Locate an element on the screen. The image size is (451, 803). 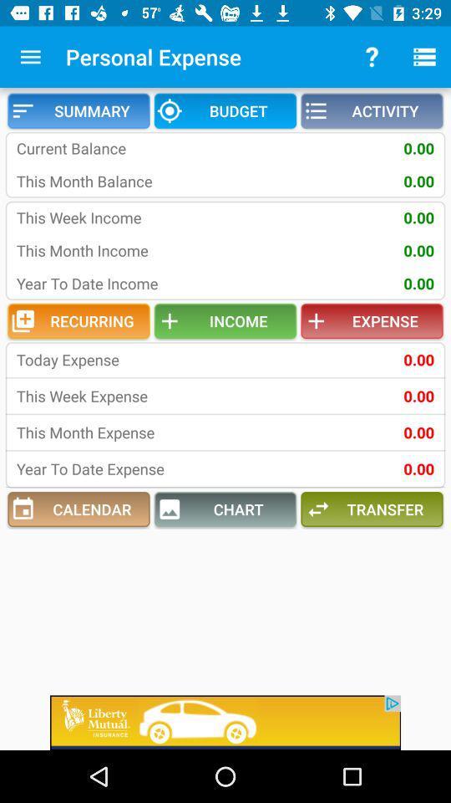
the item next to the summary icon is located at coordinates (225, 110).